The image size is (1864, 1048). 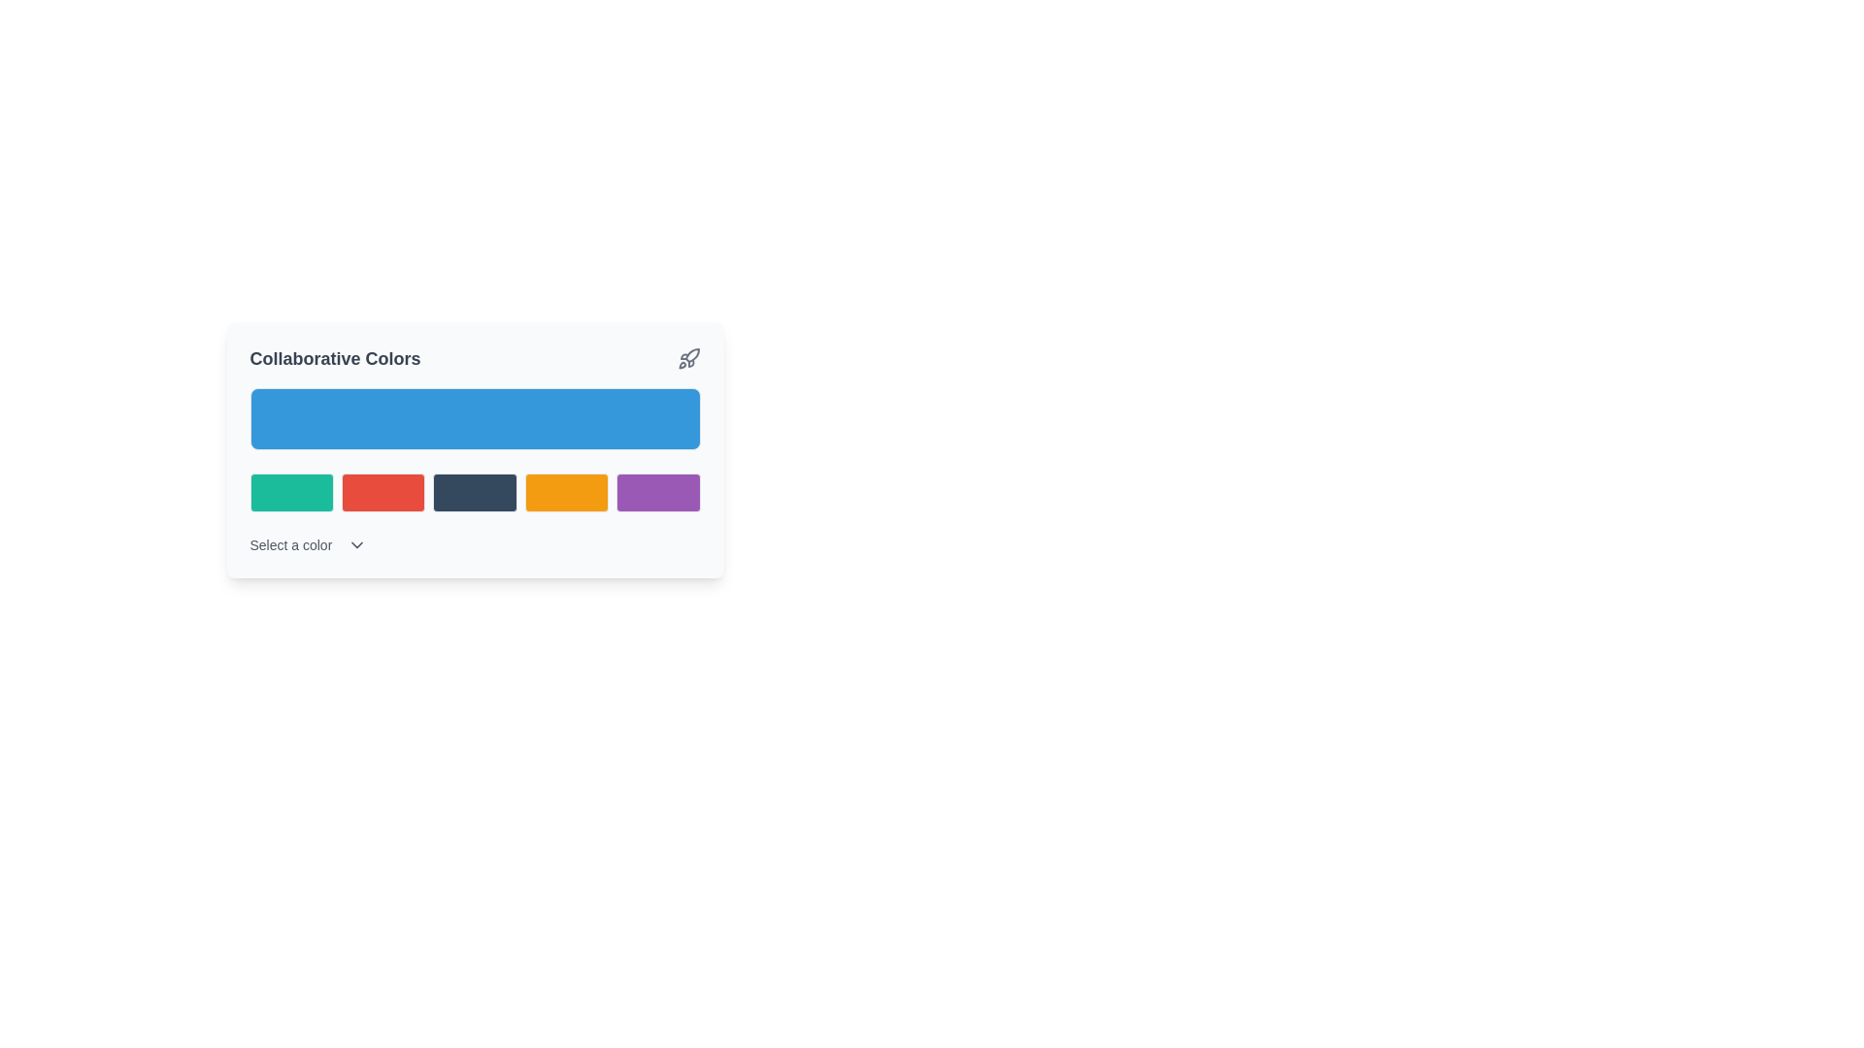 I want to click on the navy blue button in the 'Collaborative Colors' section, so click(x=475, y=492).